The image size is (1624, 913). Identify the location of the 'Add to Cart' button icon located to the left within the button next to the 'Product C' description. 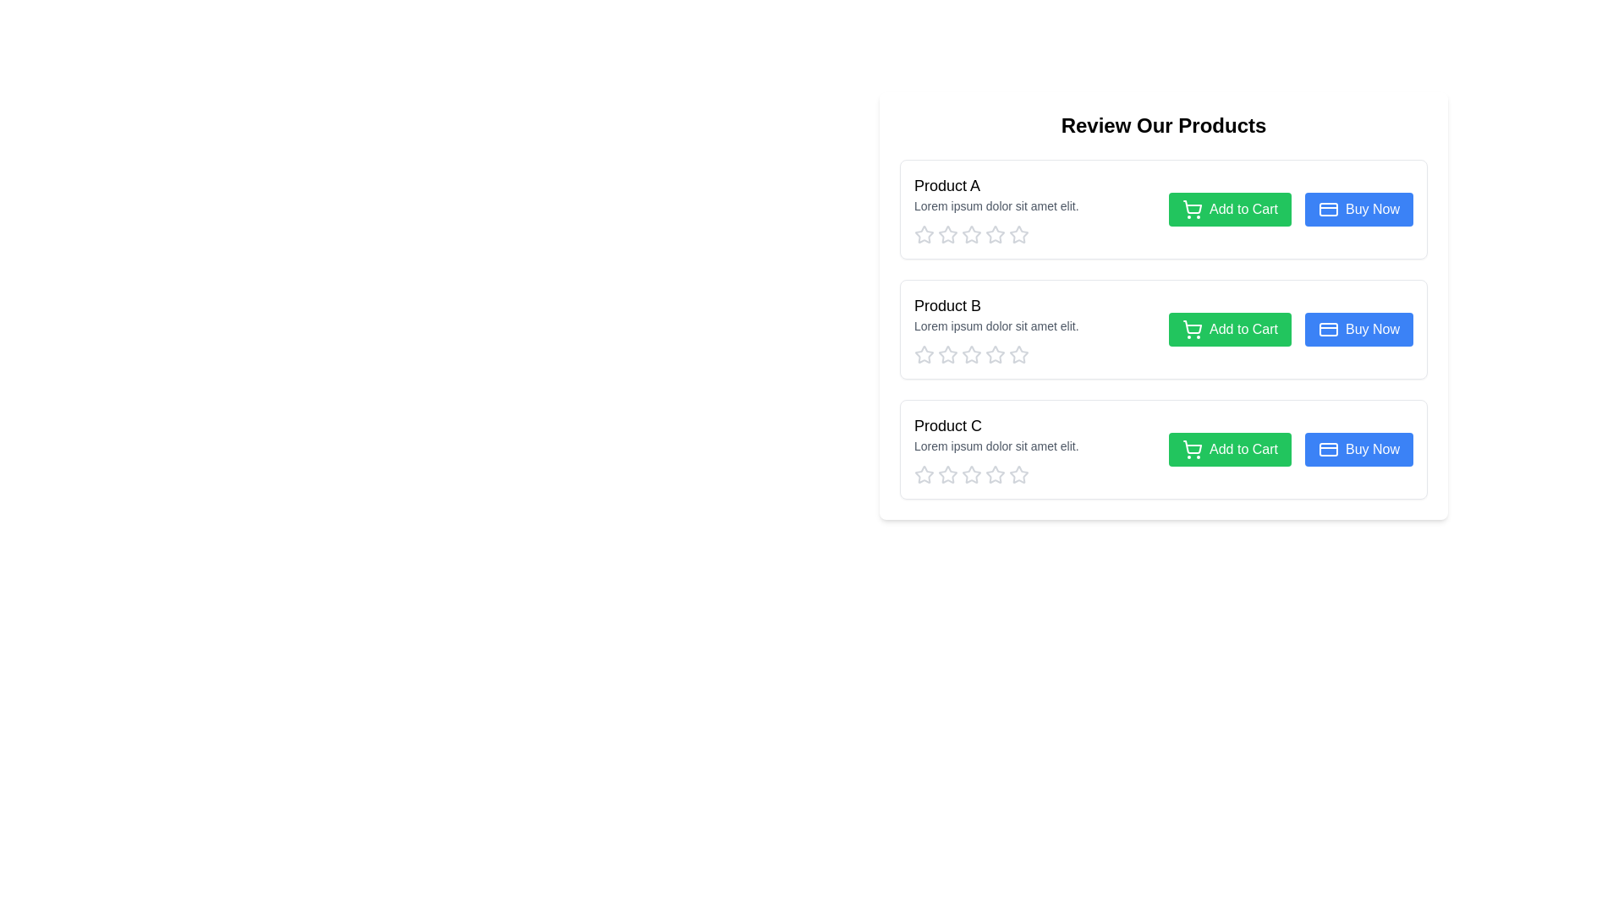
(1192, 449).